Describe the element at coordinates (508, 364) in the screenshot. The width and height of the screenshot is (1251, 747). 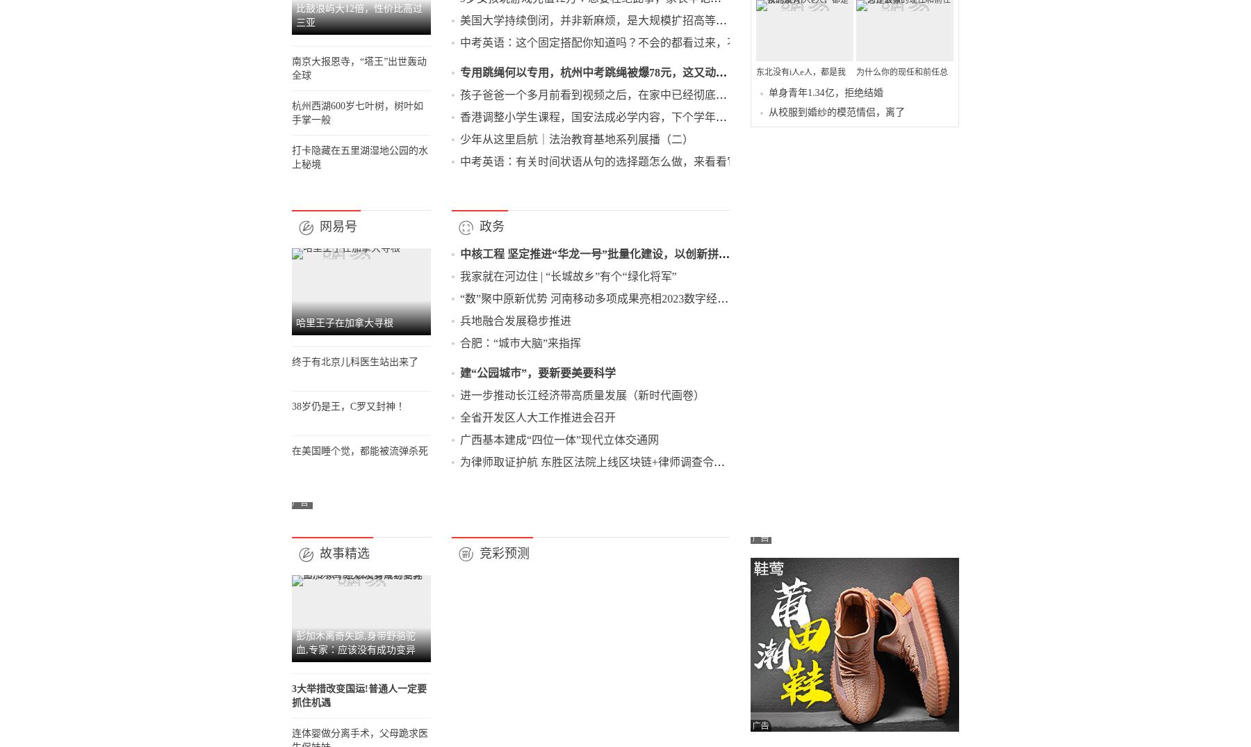
I see `'专用跳绳何以专用，杭州中考跳绳被爆78元，这又动了谁的“奶酪”'` at that location.